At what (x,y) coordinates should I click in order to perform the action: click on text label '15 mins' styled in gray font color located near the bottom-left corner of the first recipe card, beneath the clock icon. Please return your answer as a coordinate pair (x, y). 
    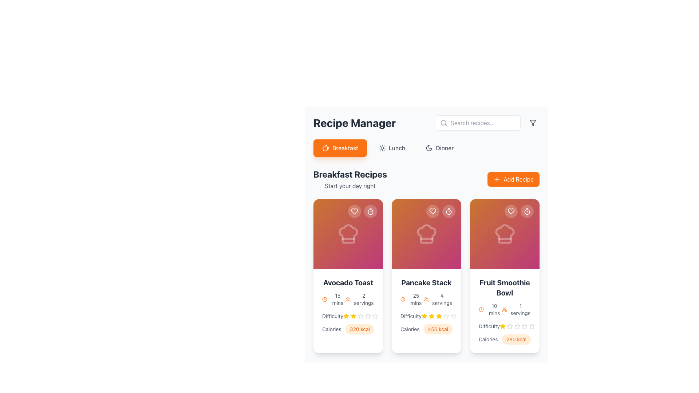
    Looking at the image, I should click on (337, 299).